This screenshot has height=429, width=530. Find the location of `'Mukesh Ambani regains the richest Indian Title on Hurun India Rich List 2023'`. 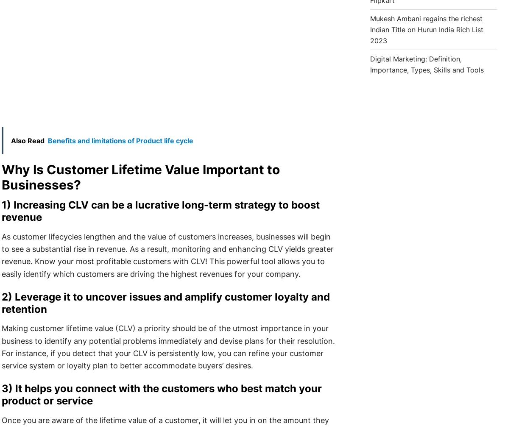

'Mukesh Ambani regains the richest Indian Title on Hurun India Rich List 2023' is located at coordinates (426, 29).